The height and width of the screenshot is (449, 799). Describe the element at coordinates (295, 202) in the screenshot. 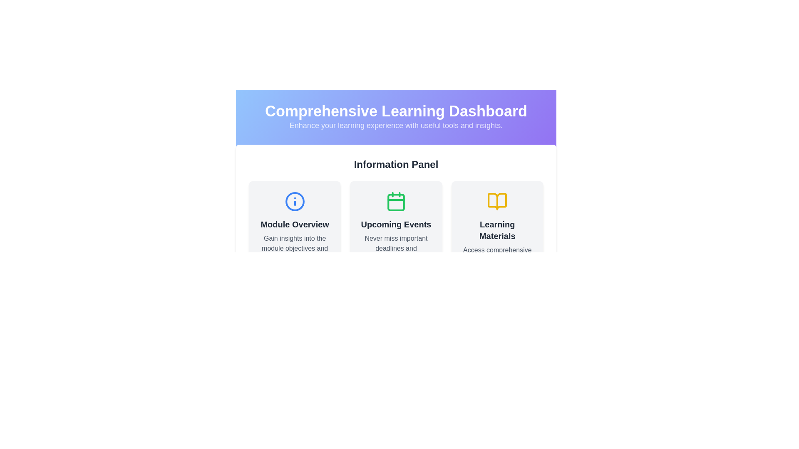

I see `the blue circular information icon located at the center of the left card under the 'Information Panel' section` at that location.